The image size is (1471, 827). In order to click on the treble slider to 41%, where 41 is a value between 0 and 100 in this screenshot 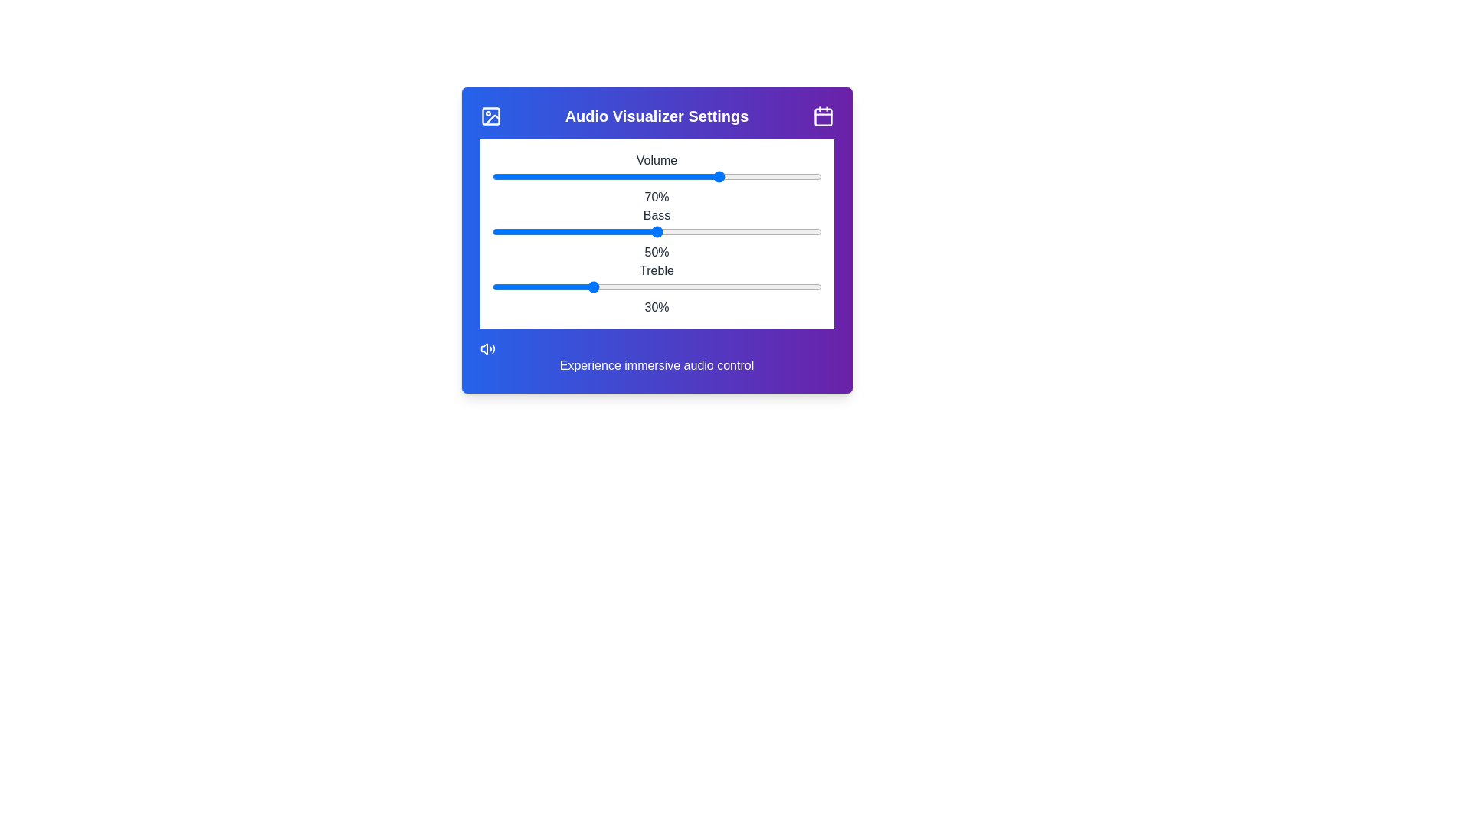, I will do `click(627, 286)`.